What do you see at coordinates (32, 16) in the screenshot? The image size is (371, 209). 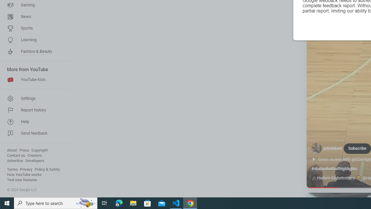 I see `'News'` at bounding box center [32, 16].